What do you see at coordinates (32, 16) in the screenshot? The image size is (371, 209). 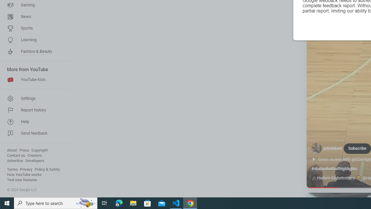 I see `'News'` at bounding box center [32, 16].